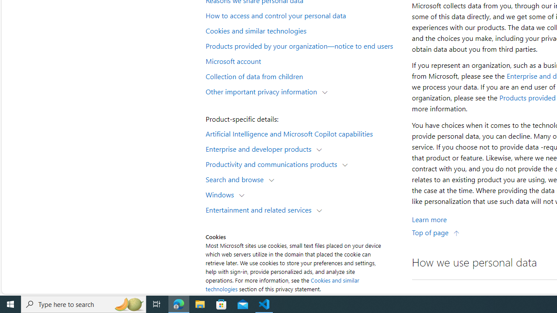 The width and height of the screenshot is (557, 313). Describe the element at coordinates (303, 133) in the screenshot. I see `'Artificial Intelligence and Microsoft Copilot capabilities'` at that location.